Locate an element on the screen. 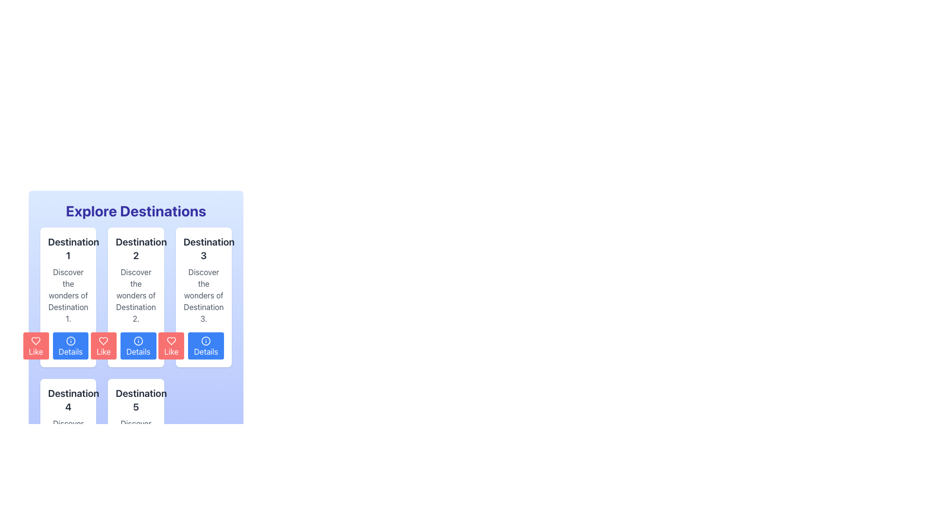  the descriptive text about 'Destination 1' located beneath the title within the first column of rectangular cards, positioned above the 'Like' and 'Details' buttons is located at coordinates (68, 295).